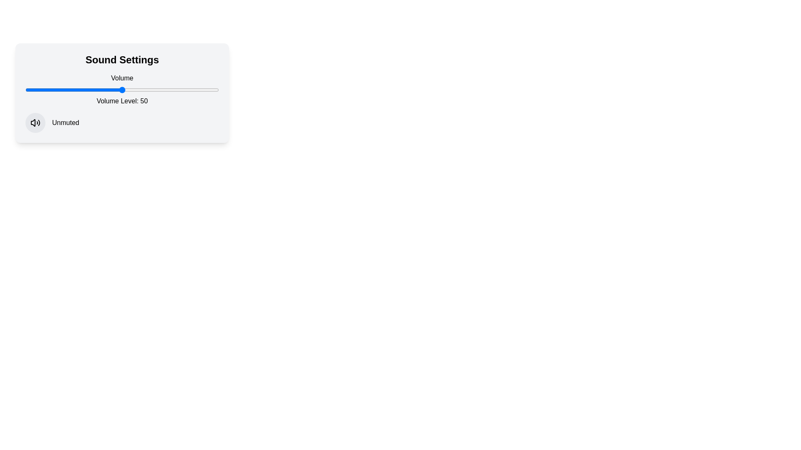 Image resolution: width=801 pixels, height=450 pixels. I want to click on the volume level, so click(145, 90).